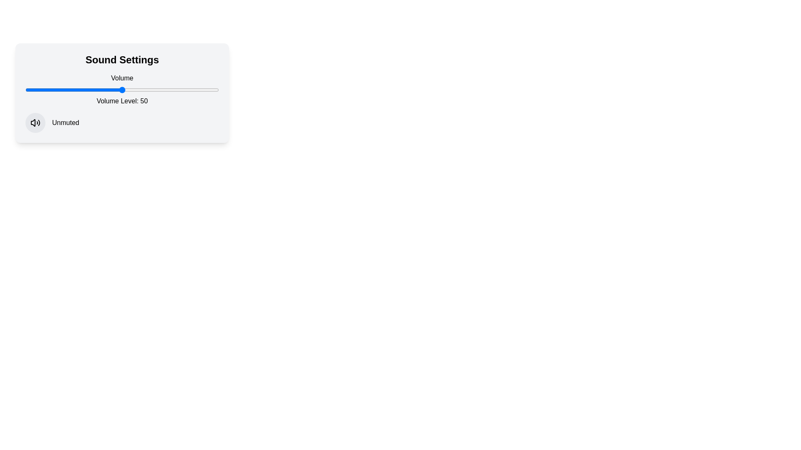 Image resolution: width=801 pixels, height=450 pixels. I want to click on the volume level, so click(145, 90).